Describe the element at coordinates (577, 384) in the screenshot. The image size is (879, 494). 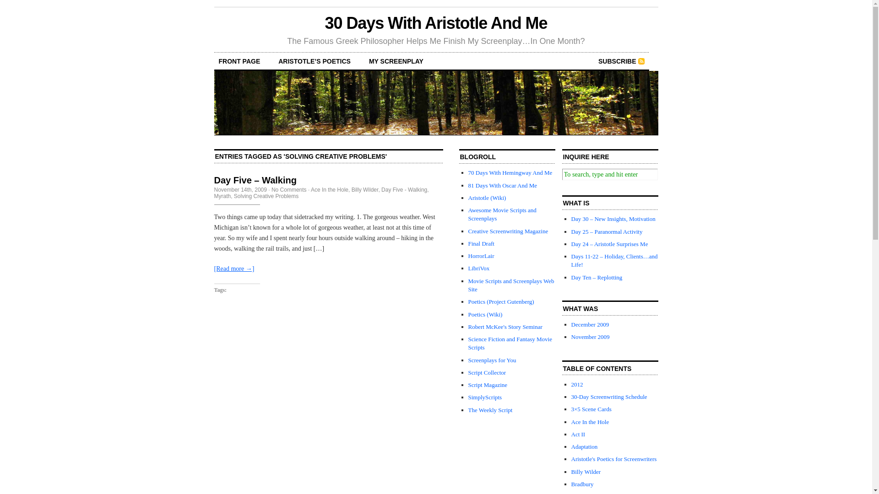
I see `'2012'` at that location.